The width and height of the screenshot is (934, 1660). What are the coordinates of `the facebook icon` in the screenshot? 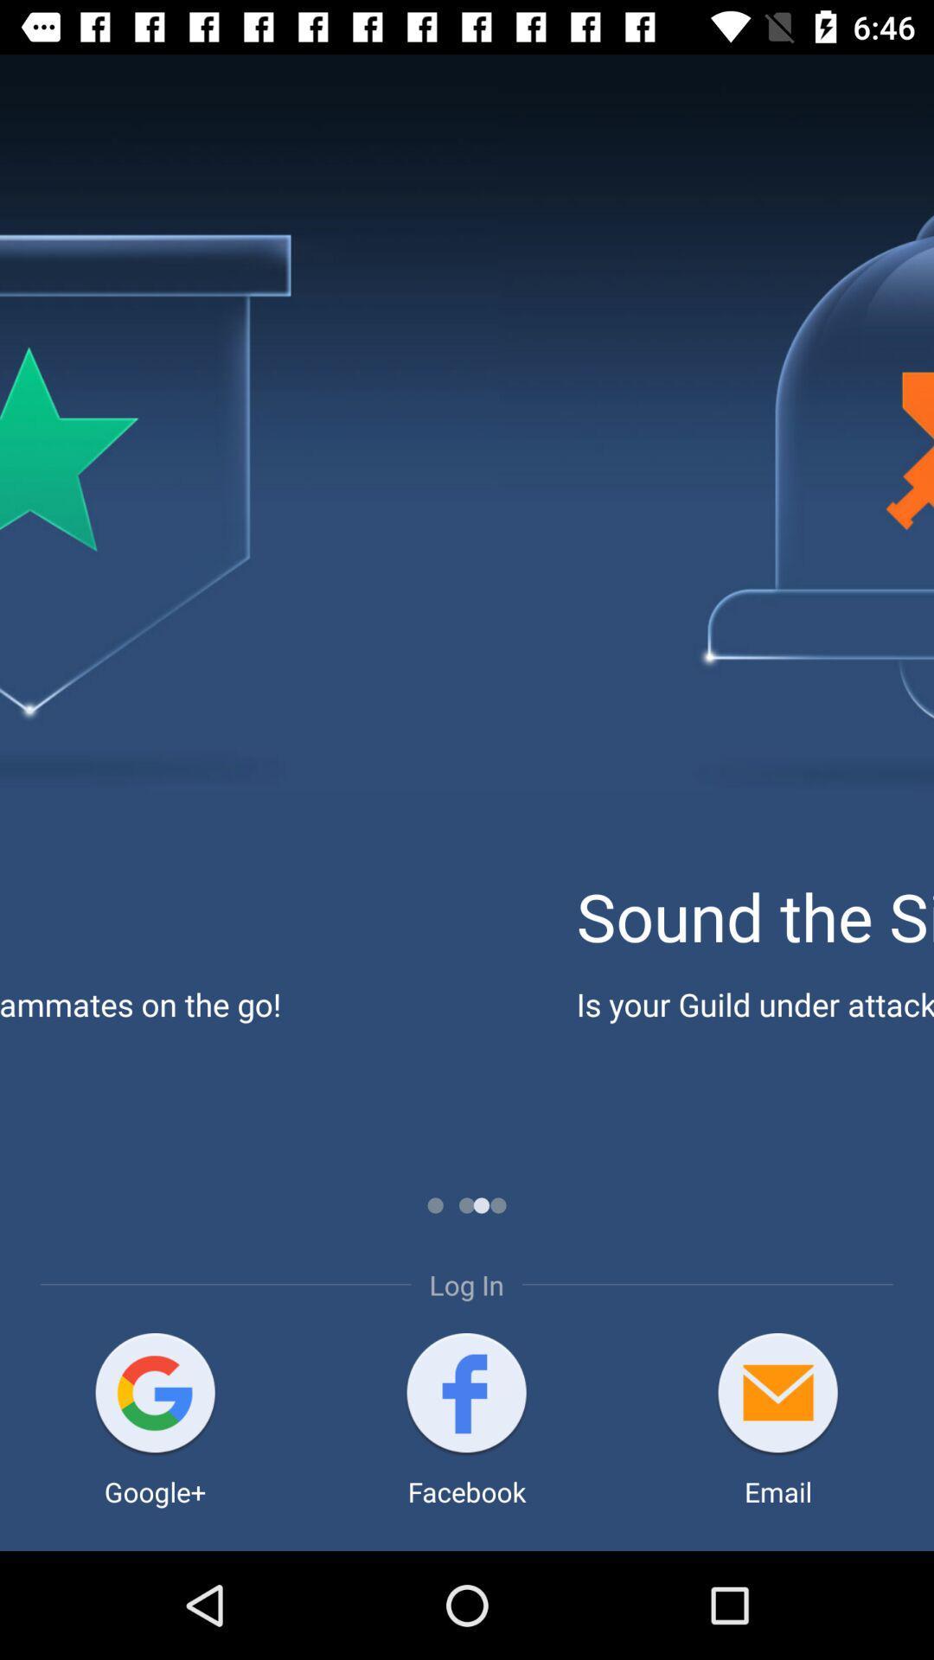 It's located at (465, 1395).